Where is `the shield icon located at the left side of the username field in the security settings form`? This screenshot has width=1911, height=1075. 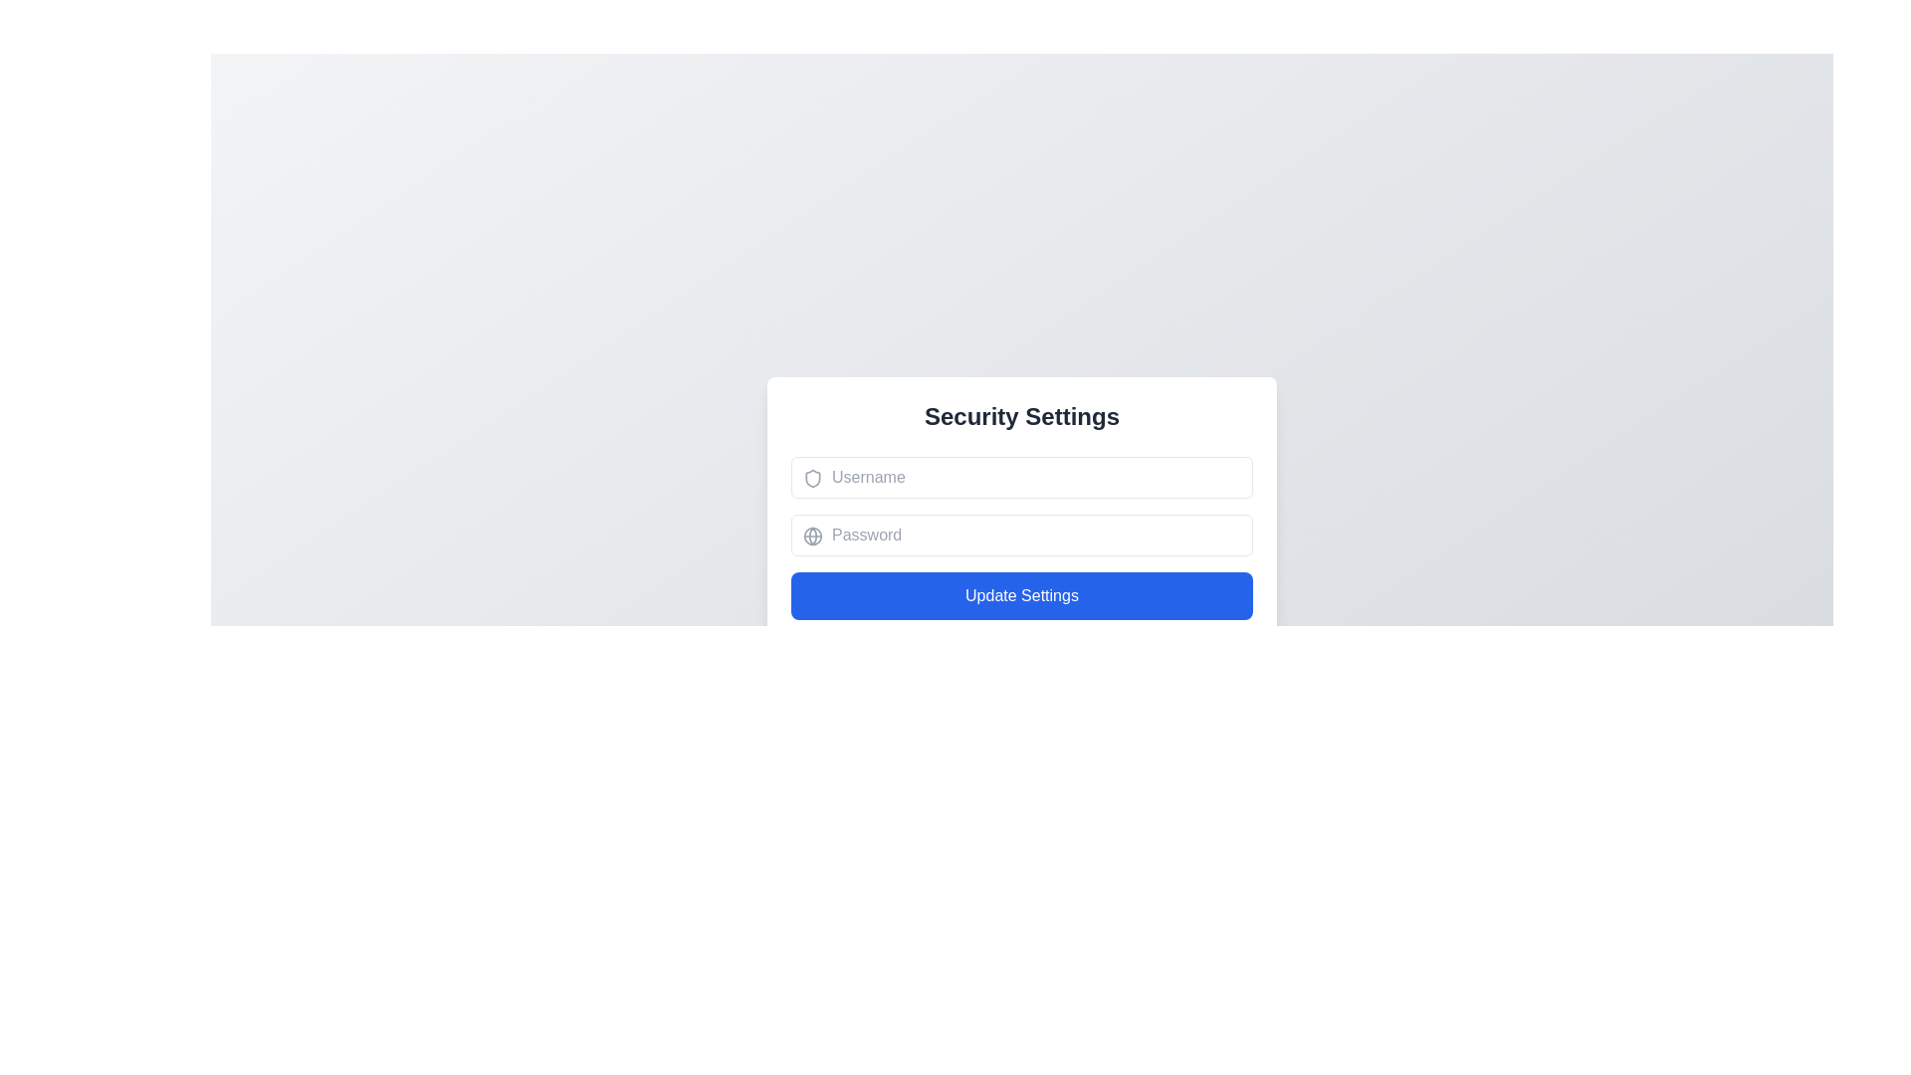 the shield icon located at the left side of the username field in the security settings form is located at coordinates (812, 477).